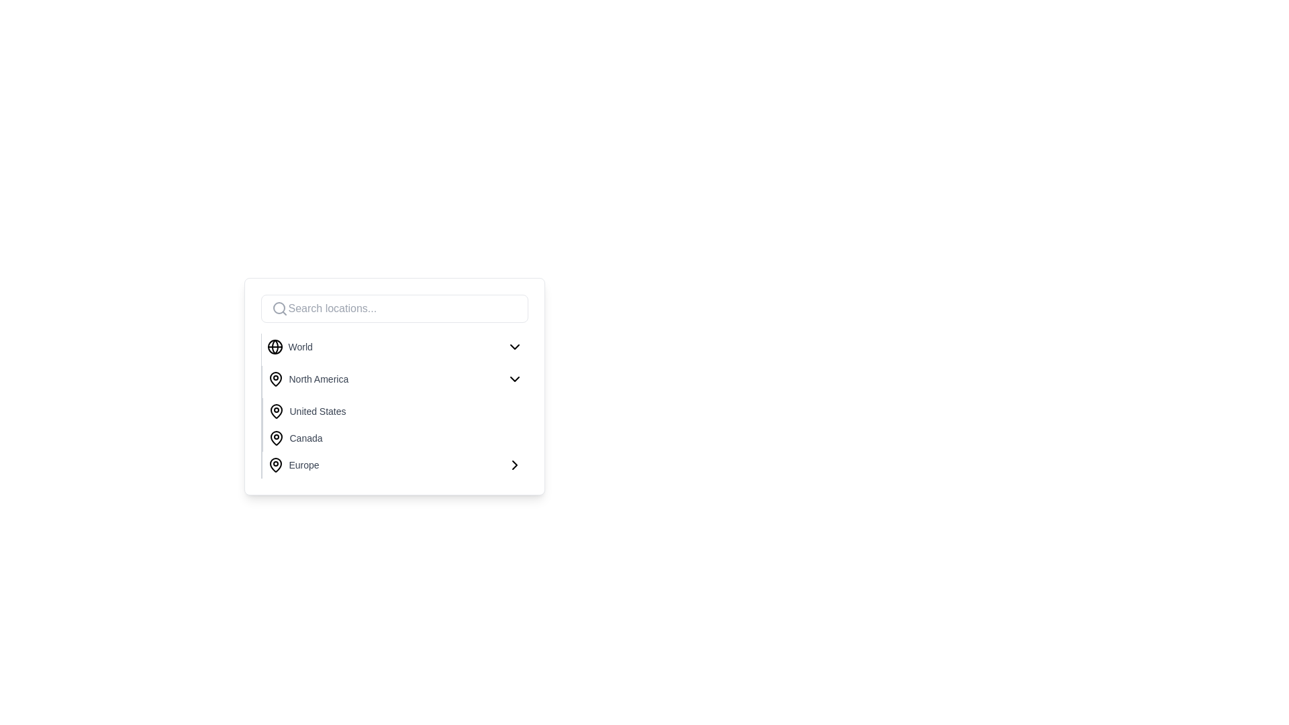 The image size is (1289, 725). Describe the element at coordinates (299, 346) in the screenshot. I see `the 'World' option label located below the 'Search locations...' input box` at that location.